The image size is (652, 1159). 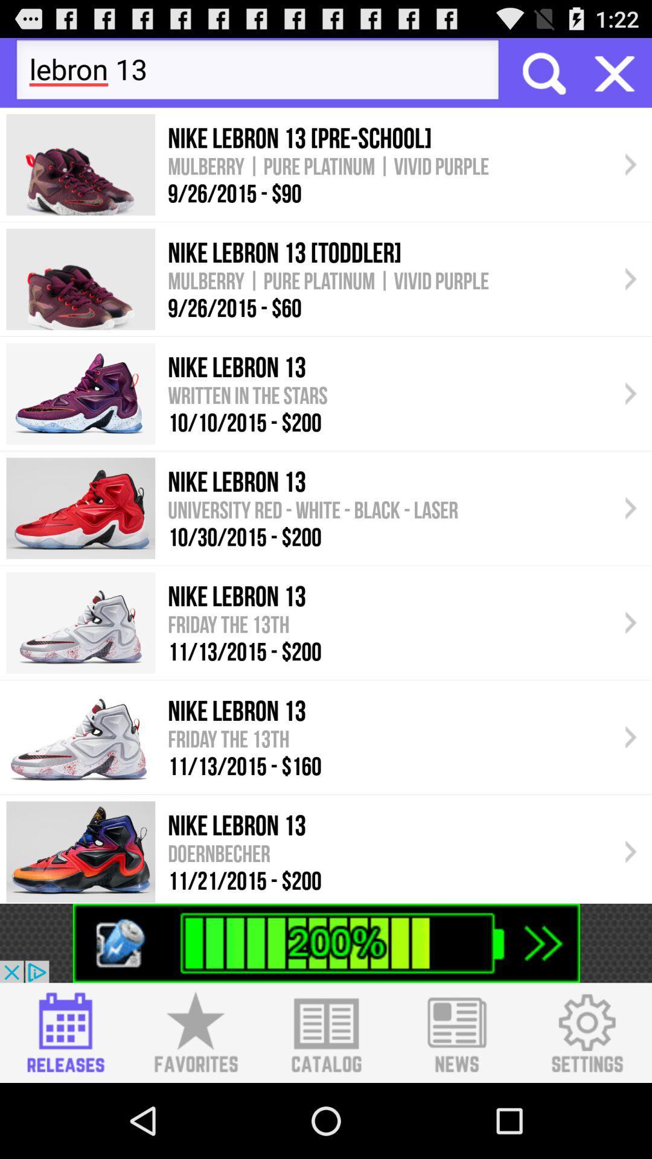 What do you see at coordinates (195, 1032) in the screenshot?
I see `favorites` at bounding box center [195, 1032].